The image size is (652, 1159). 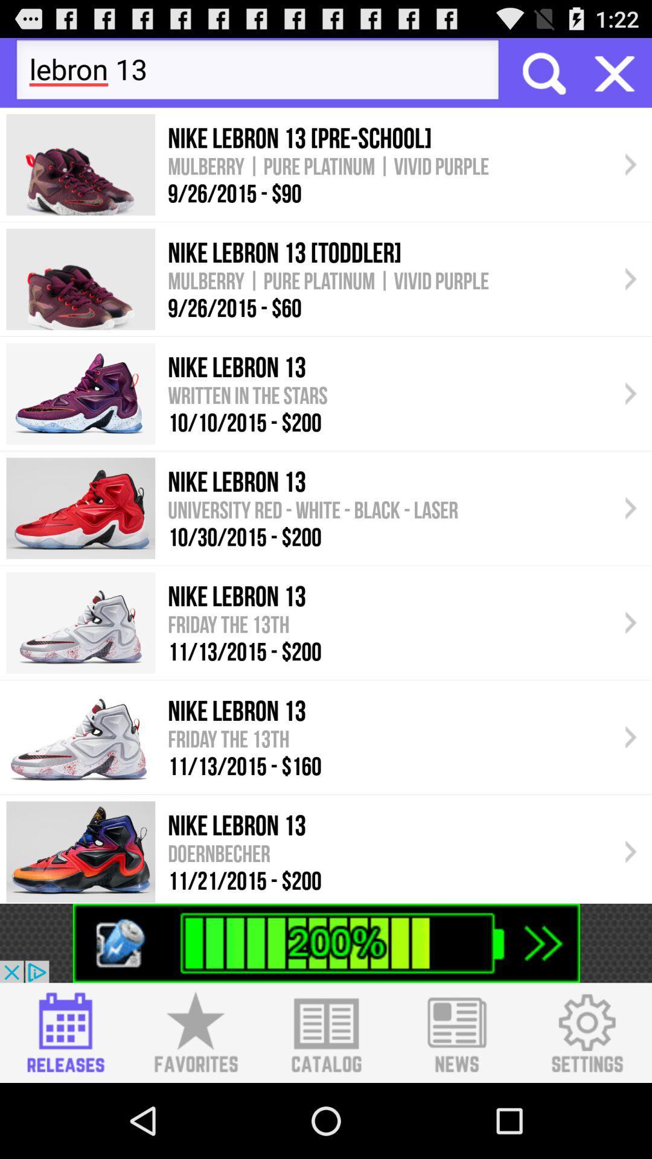 What do you see at coordinates (195, 1032) in the screenshot?
I see `favorites` at bounding box center [195, 1032].